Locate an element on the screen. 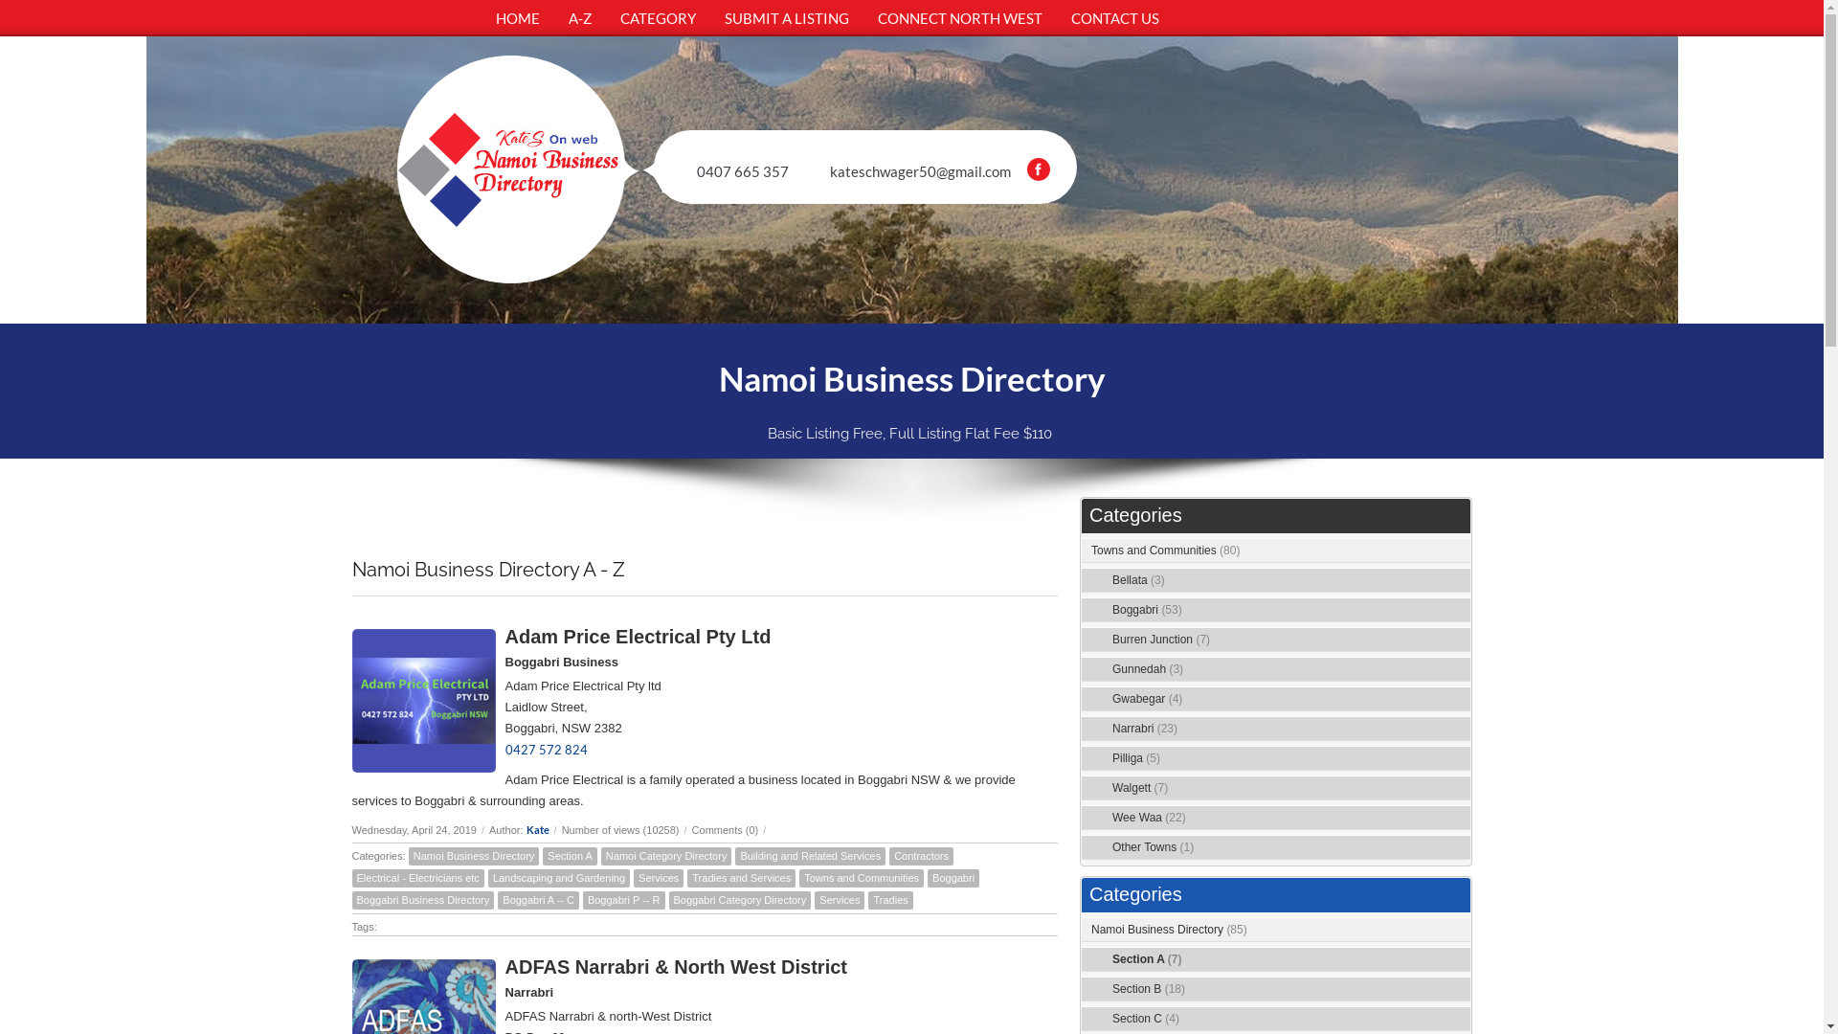 The width and height of the screenshot is (1838, 1034). 'Namoi Category Directory' is located at coordinates (666, 855).